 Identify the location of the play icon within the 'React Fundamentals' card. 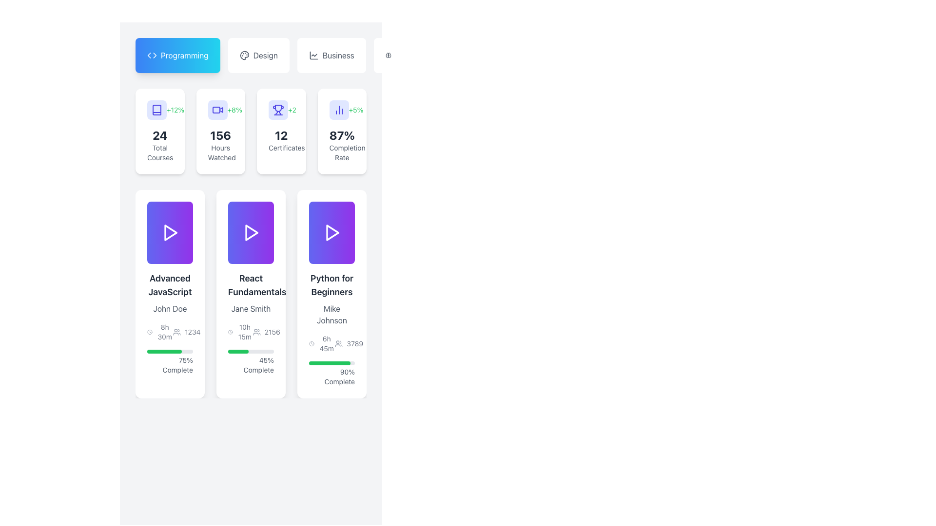
(252, 233).